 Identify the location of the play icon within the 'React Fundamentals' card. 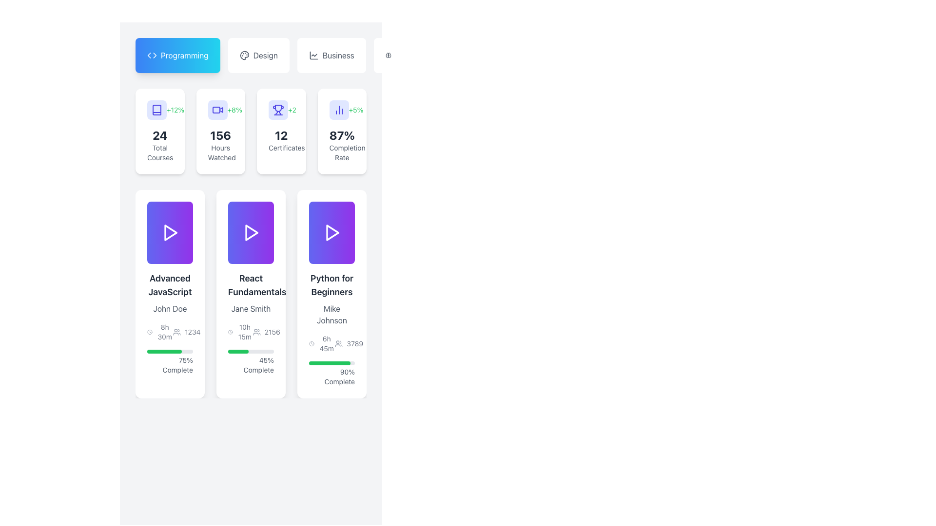
(252, 233).